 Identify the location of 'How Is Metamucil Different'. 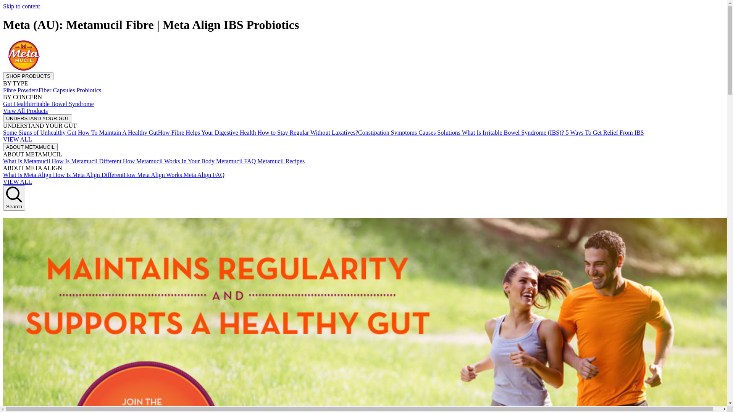
(86, 161).